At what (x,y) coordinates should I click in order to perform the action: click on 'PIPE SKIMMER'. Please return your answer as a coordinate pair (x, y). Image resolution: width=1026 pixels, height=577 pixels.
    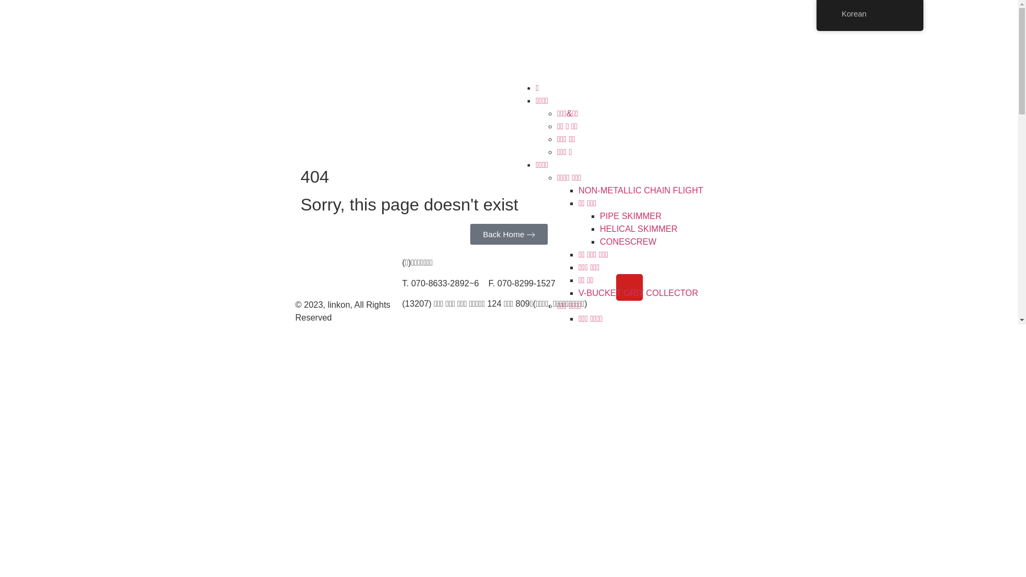
    Looking at the image, I should click on (631, 216).